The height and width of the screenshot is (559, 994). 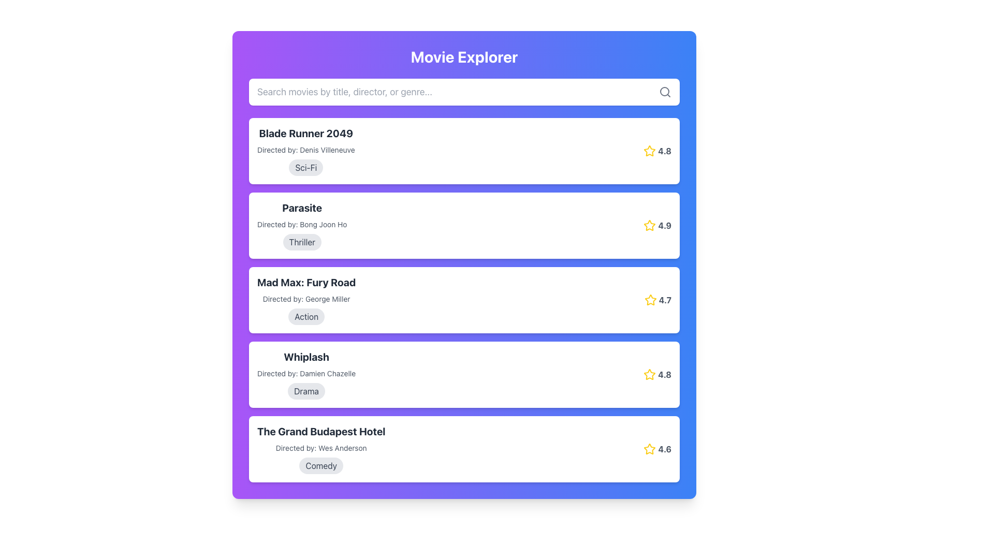 What do you see at coordinates (649, 374) in the screenshot?
I see `the star icon that represents the rating for the movie 'Whiplash' in the 'Movie Explorer' interface, located adjacent to the rating score of '4.8'` at bounding box center [649, 374].